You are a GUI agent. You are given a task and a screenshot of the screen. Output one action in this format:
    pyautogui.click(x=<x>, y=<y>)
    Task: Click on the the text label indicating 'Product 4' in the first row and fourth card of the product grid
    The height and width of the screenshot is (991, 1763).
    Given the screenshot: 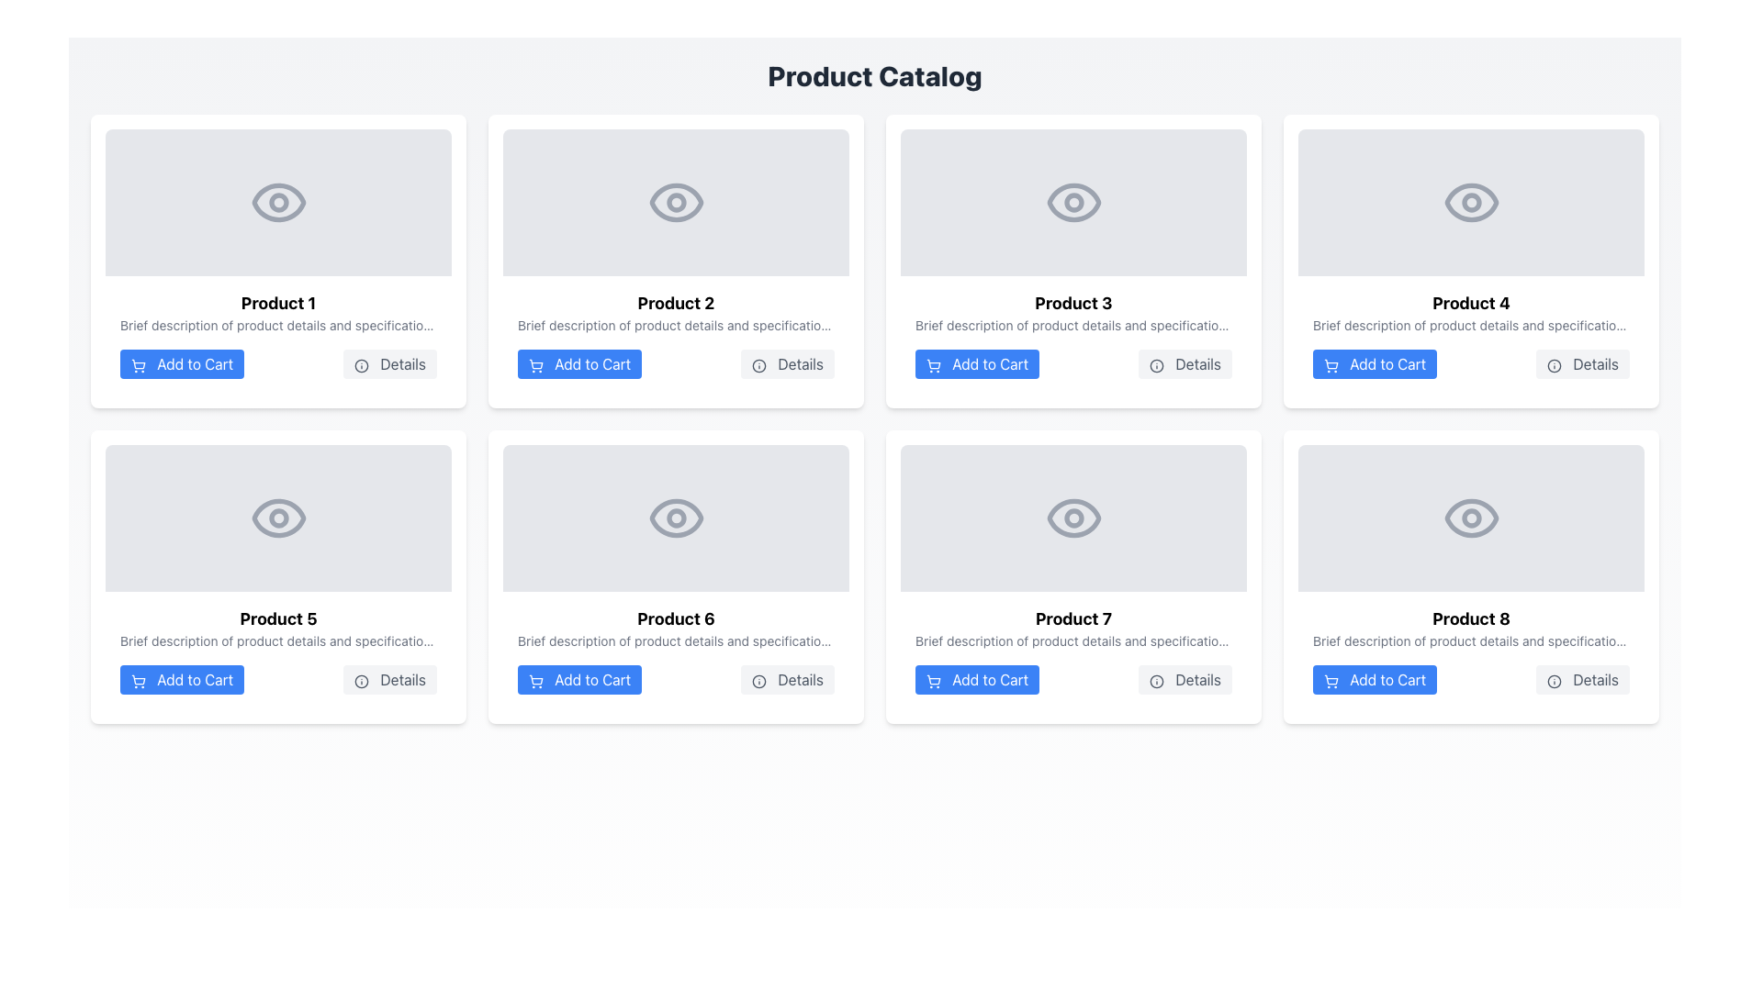 What is the action you would take?
    pyautogui.click(x=1471, y=303)
    